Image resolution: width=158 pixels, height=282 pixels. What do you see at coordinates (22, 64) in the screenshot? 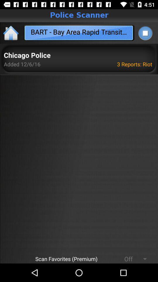
I see `icon next to 3 reports: riot icon` at bounding box center [22, 64].